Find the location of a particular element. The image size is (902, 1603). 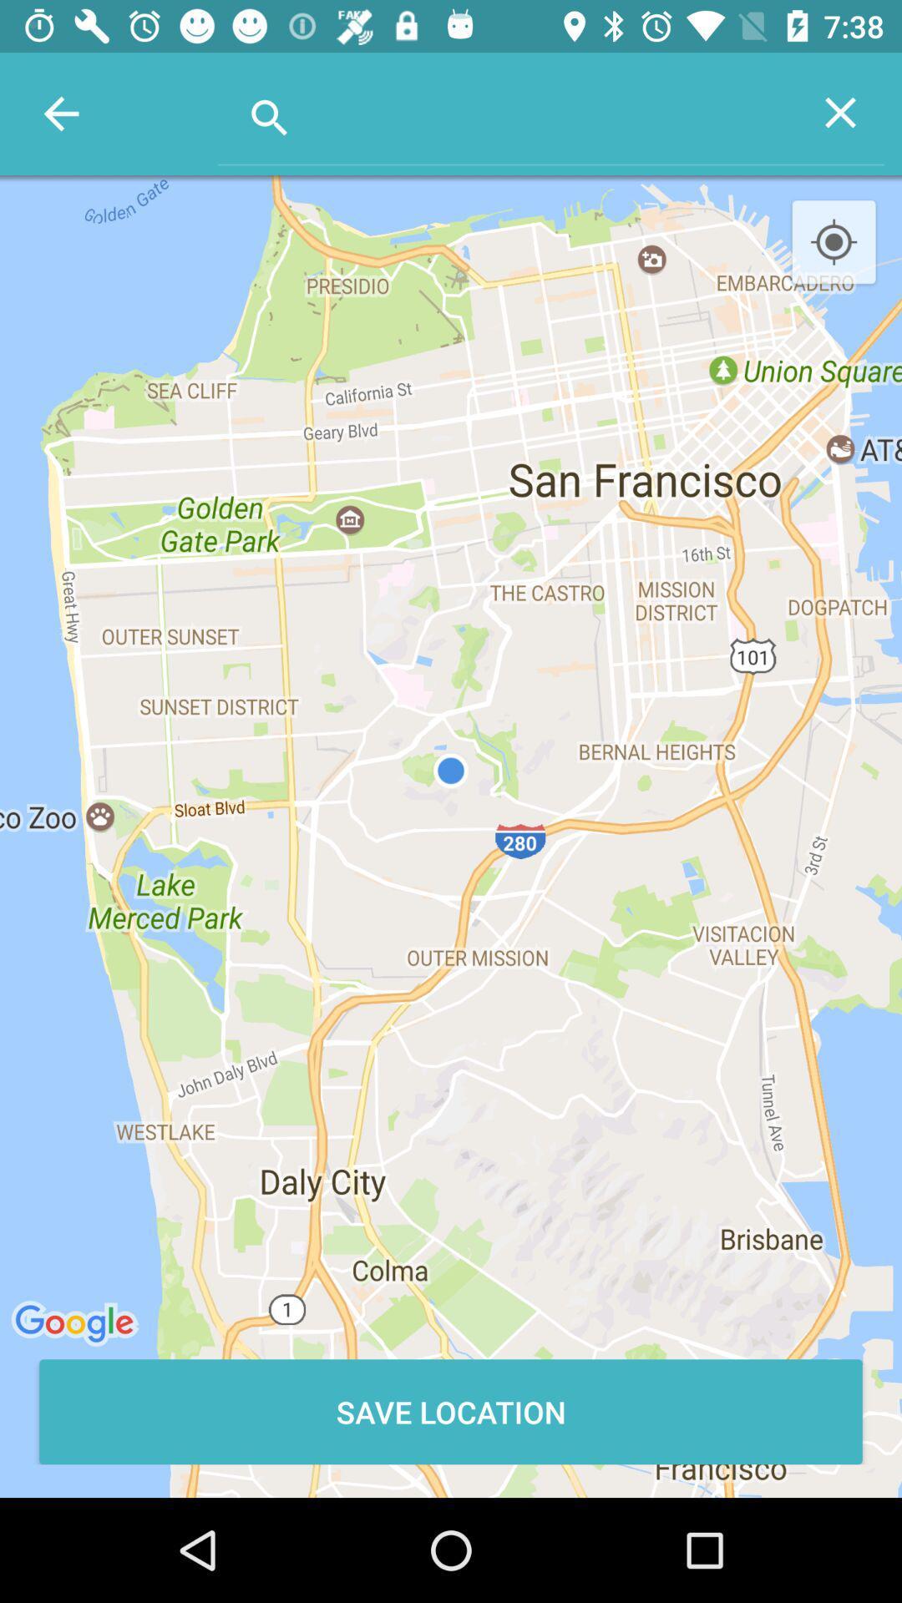

the save location item is located at coordinates (451, 1411).